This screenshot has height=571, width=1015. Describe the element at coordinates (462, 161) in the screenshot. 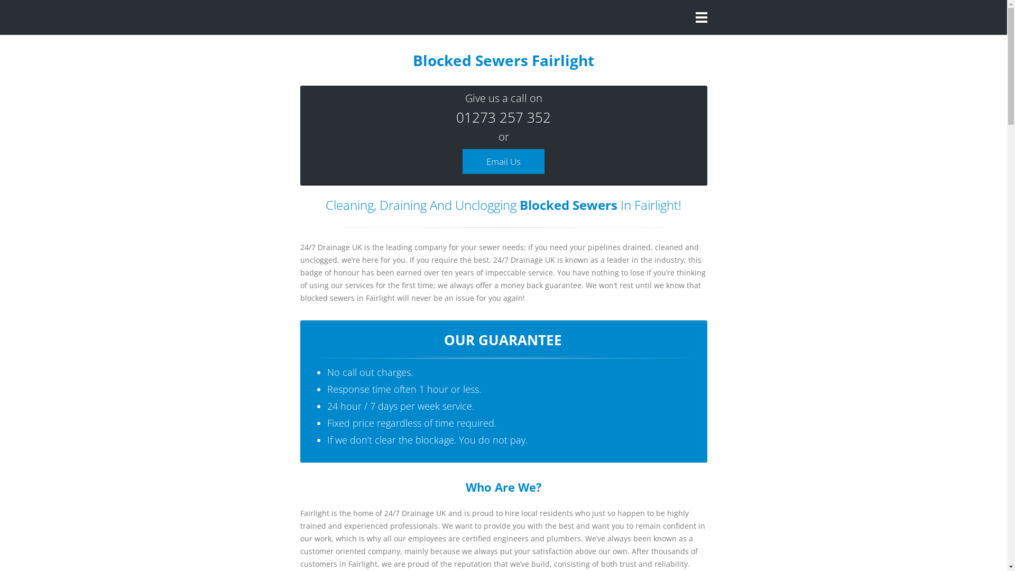

I see `'Email Us'` at that location.